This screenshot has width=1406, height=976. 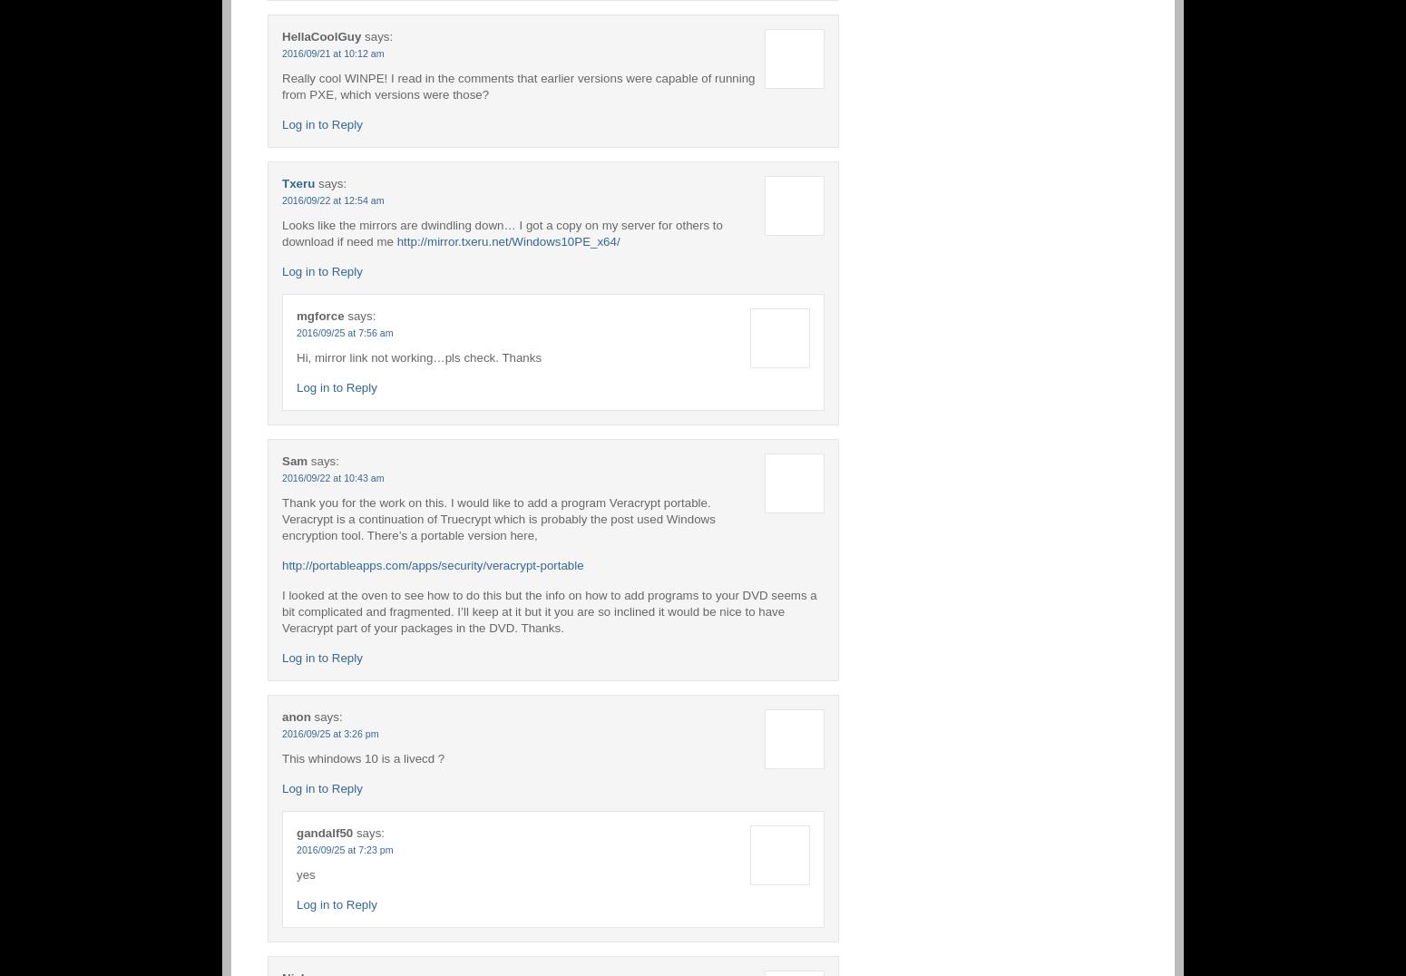 I want to click on 'http://mirror.txeru.net/Windows10PE_x64/', so click(x=508, y=240).